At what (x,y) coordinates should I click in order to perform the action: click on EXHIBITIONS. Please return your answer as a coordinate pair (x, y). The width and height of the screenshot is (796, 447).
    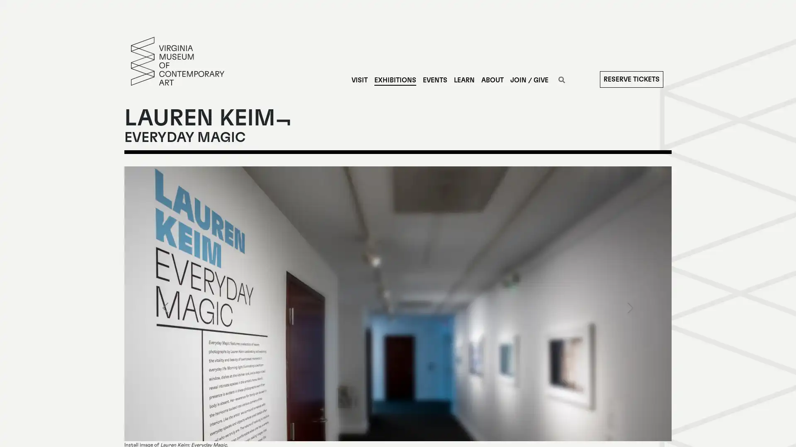
    Looking at the image, I should click on (394, 80).